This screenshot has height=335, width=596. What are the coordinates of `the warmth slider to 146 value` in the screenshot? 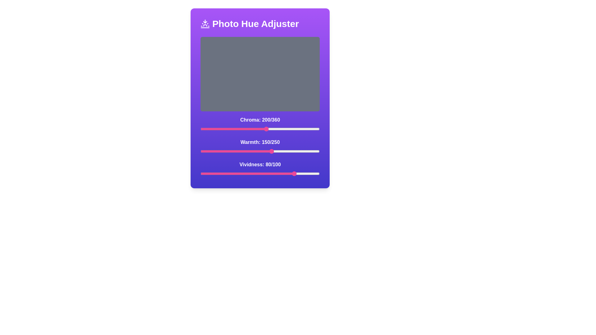 It's located at (270, 151).